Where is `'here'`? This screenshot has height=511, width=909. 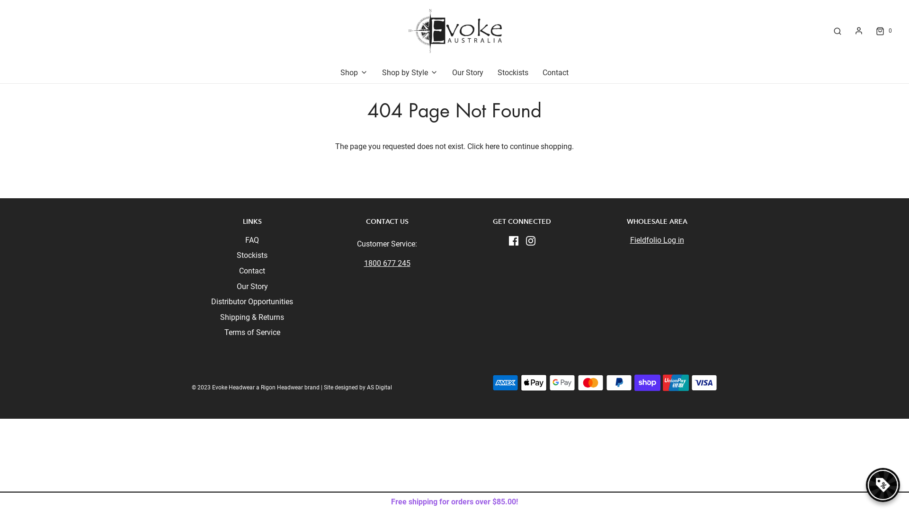
'here' is located at coordinates (485, 146).